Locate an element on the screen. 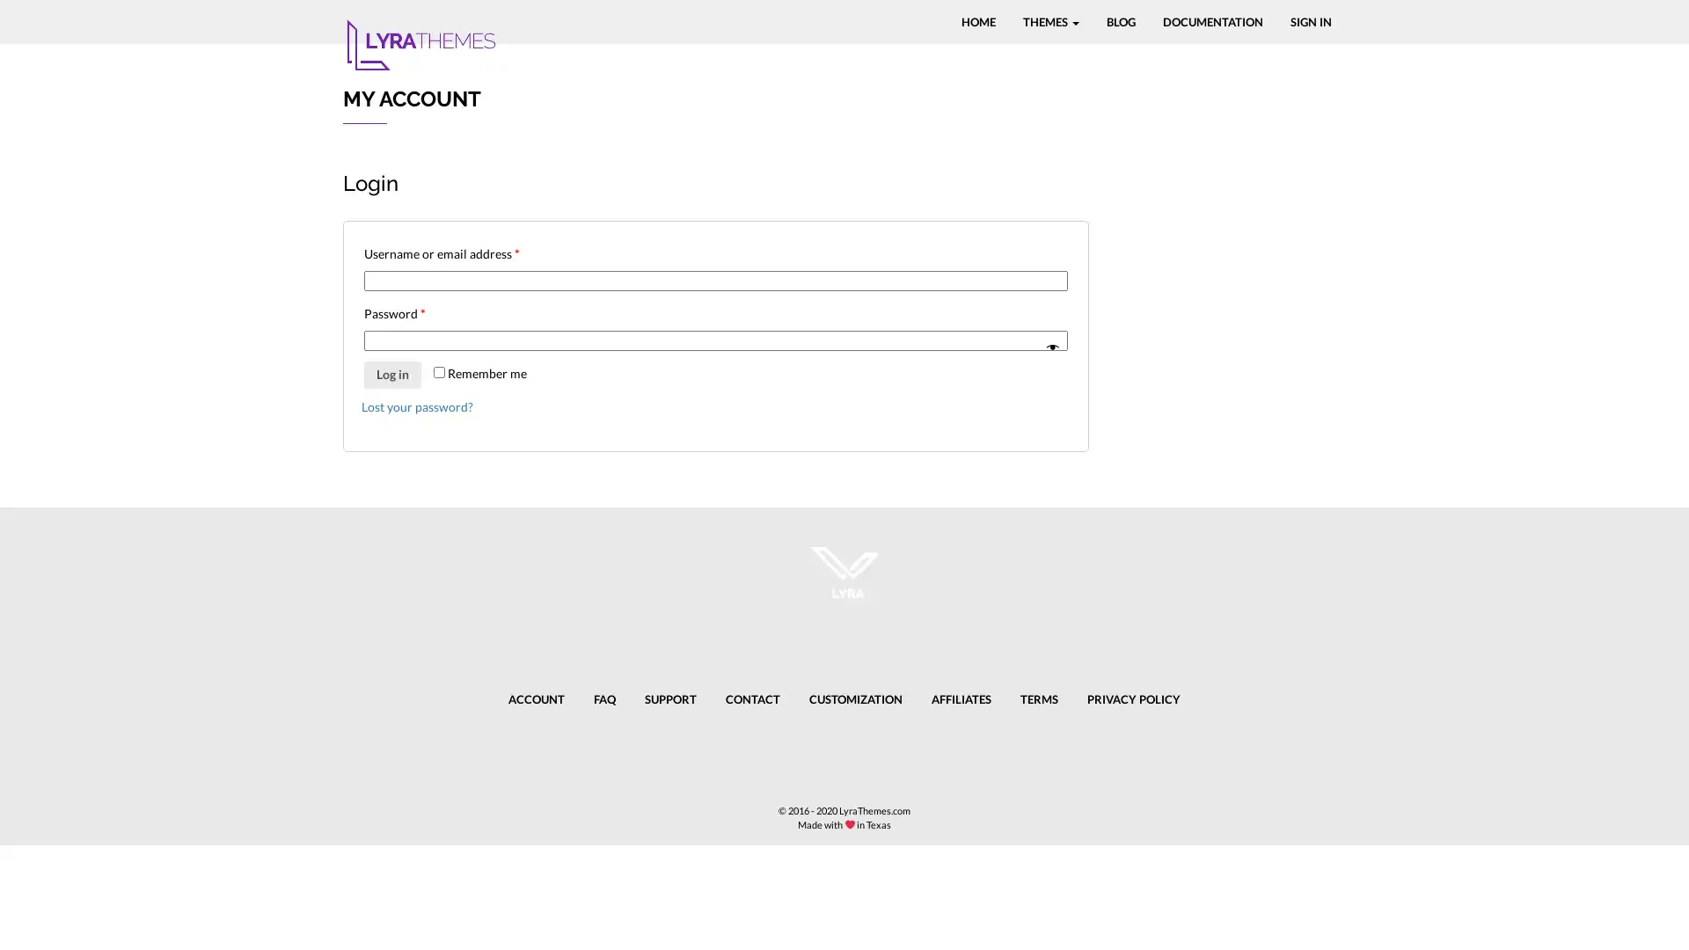  Log in is located at coordinates (391, 373).